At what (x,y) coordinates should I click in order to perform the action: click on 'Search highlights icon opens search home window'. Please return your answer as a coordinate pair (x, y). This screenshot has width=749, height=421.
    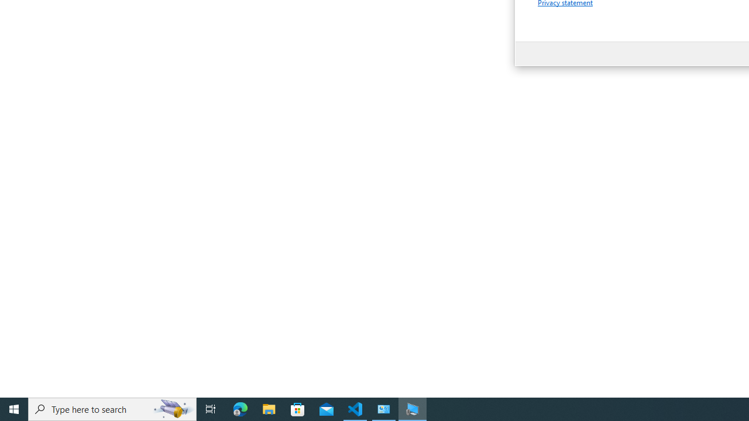
    Looking at the image, I should click on (172, 408).